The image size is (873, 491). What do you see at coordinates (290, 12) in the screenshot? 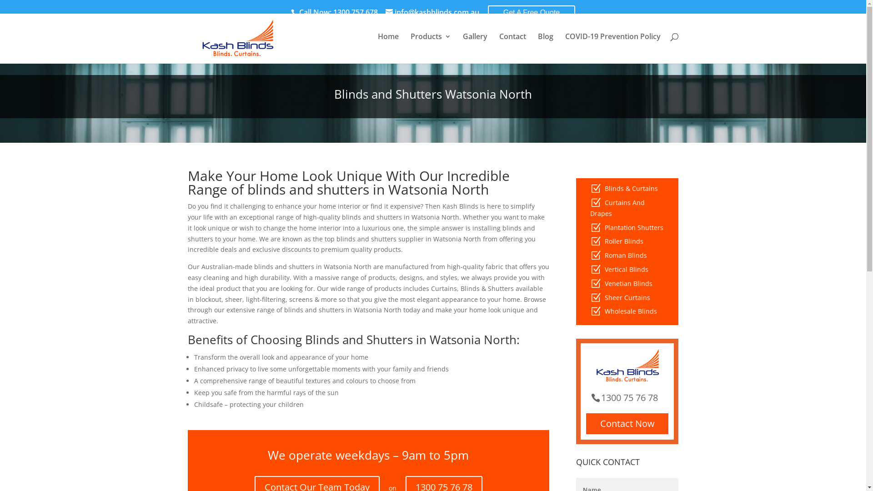
I see `'Call Now: 1300 757 678'` at bounding box center [290, 12].